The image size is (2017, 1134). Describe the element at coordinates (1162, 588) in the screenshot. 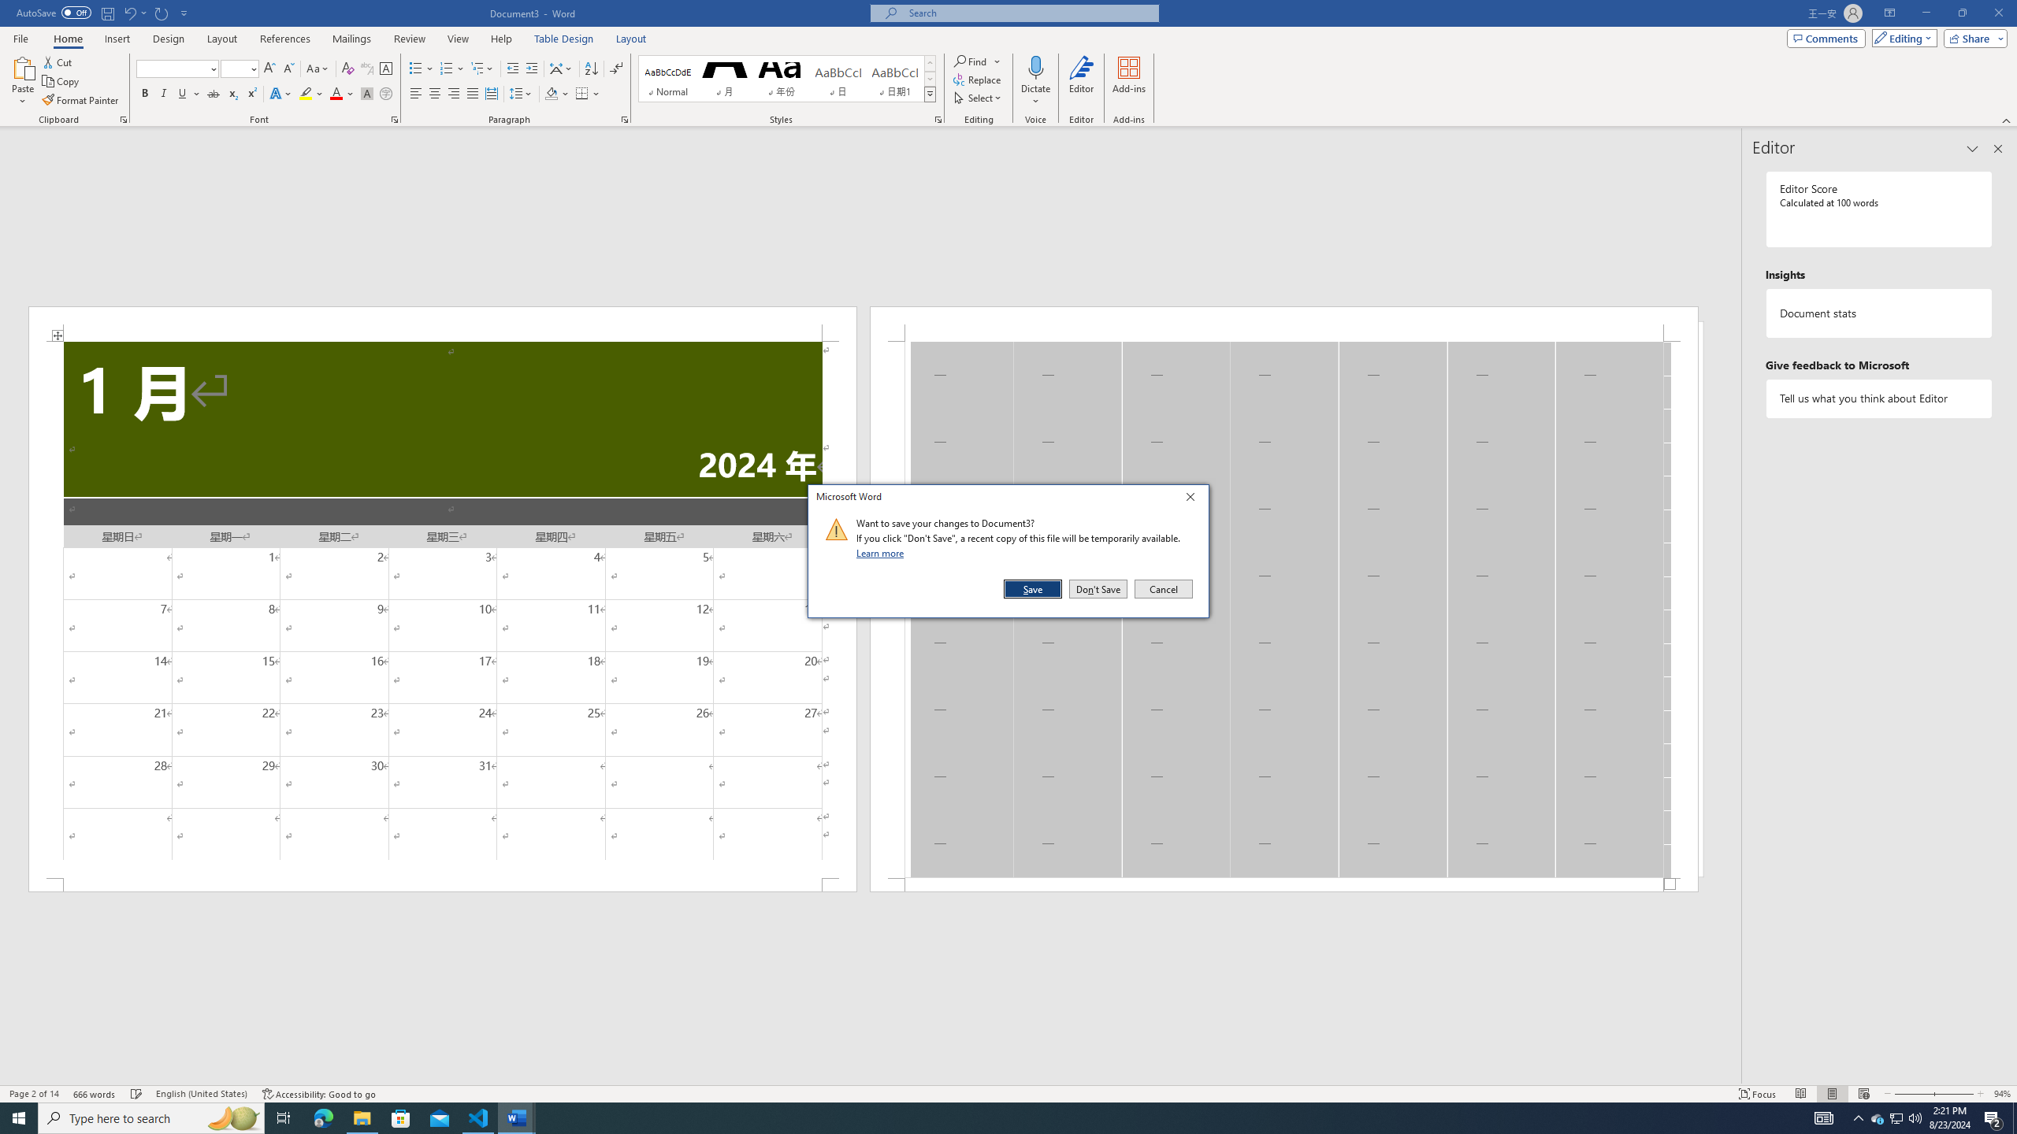

I see `'Cancel'` at that location.